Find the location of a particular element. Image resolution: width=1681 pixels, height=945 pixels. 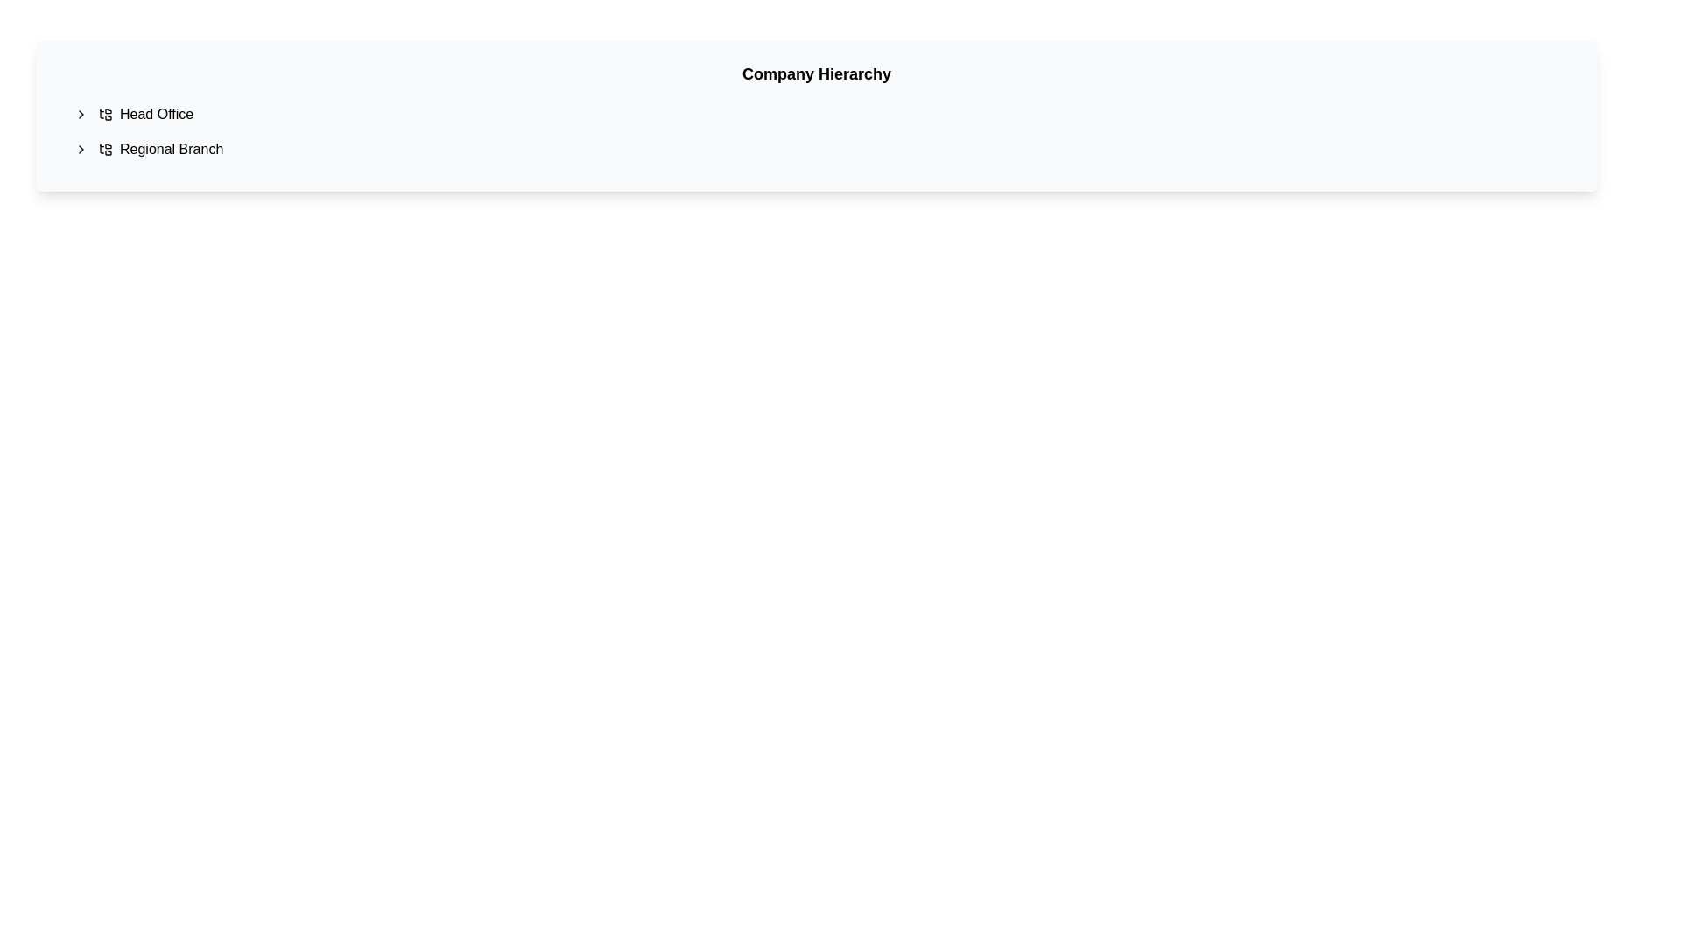

the hierarchical folder icon located next to the 'Regional Branch' text label to interact with the hierarchy is located at coordinates (104, 148).